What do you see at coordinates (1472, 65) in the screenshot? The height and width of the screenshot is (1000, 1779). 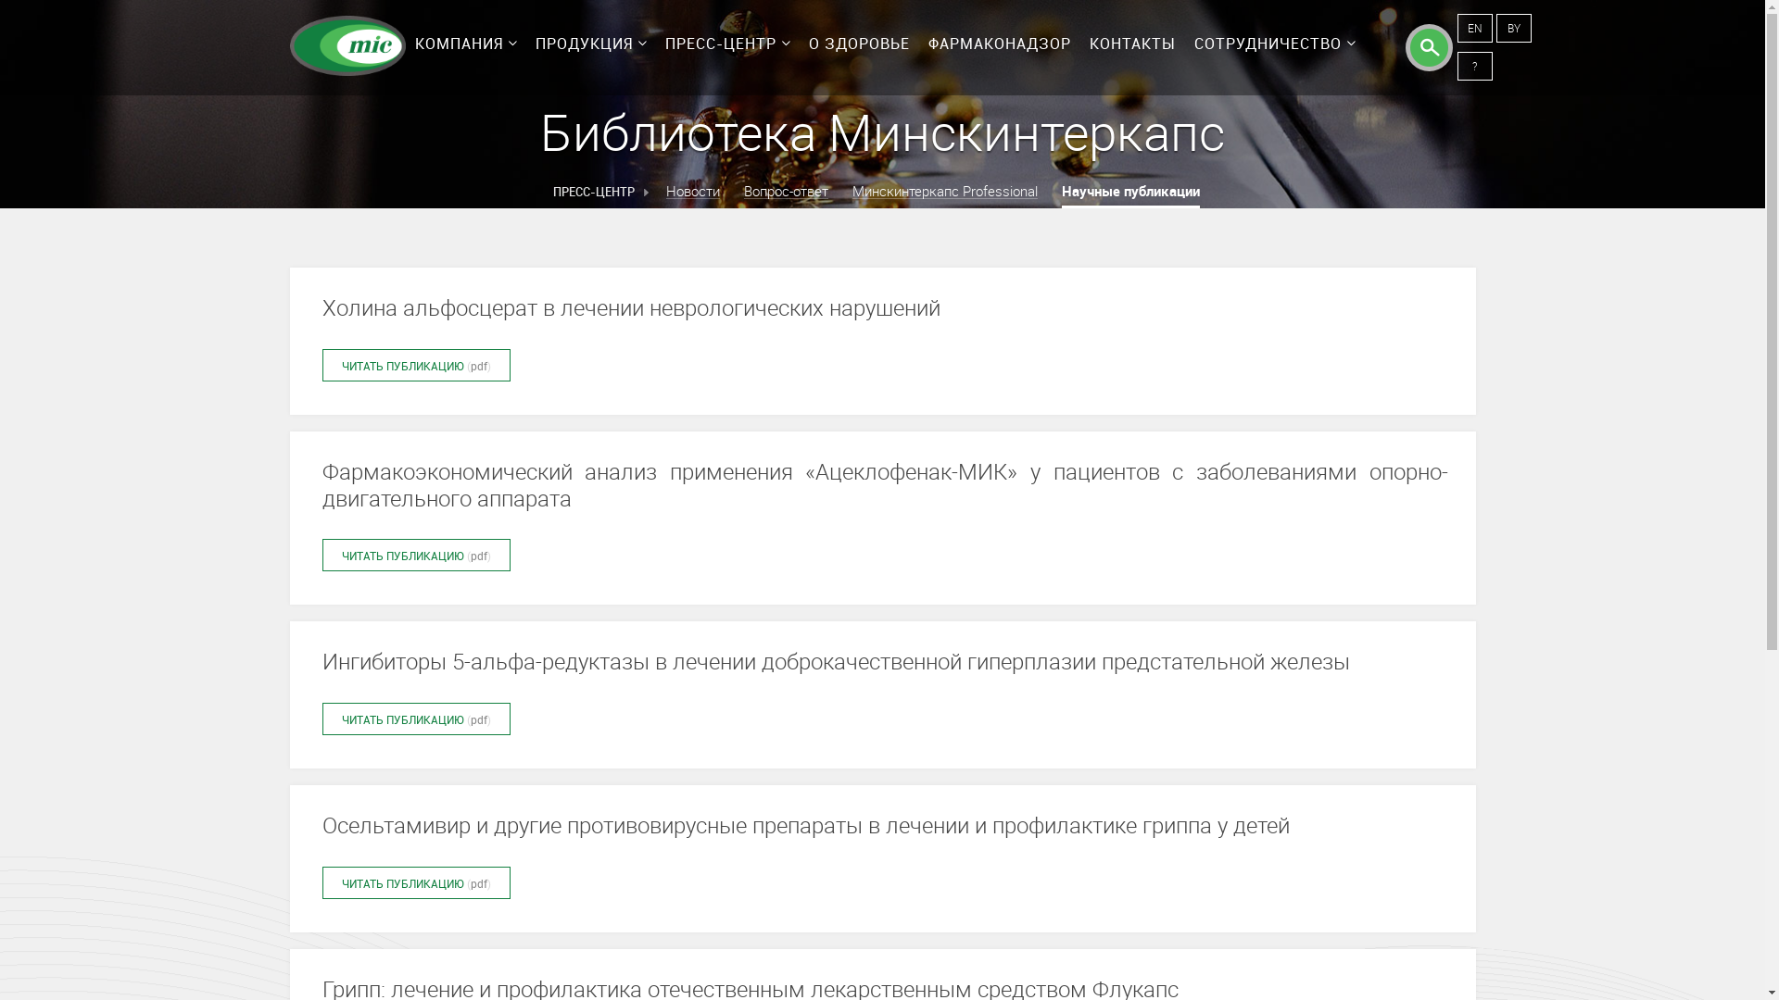 I see `'?'` at bounding box center [1472, 65].